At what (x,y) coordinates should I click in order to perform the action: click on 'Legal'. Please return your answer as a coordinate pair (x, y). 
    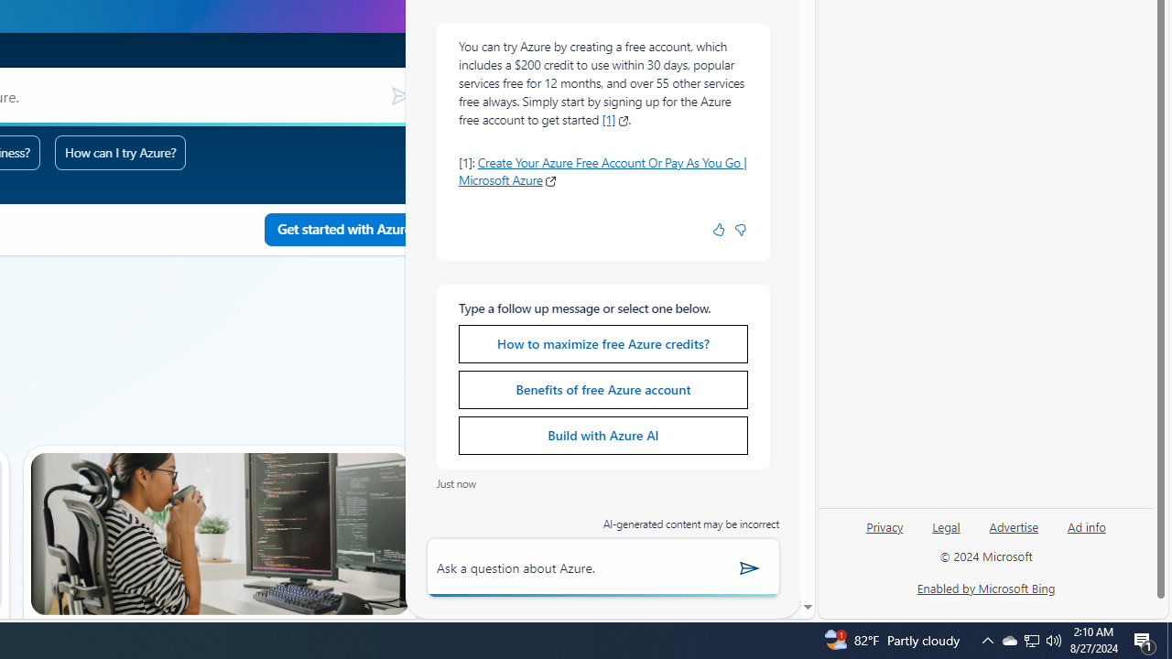
    Looking at the image, I should click on (946, 534).